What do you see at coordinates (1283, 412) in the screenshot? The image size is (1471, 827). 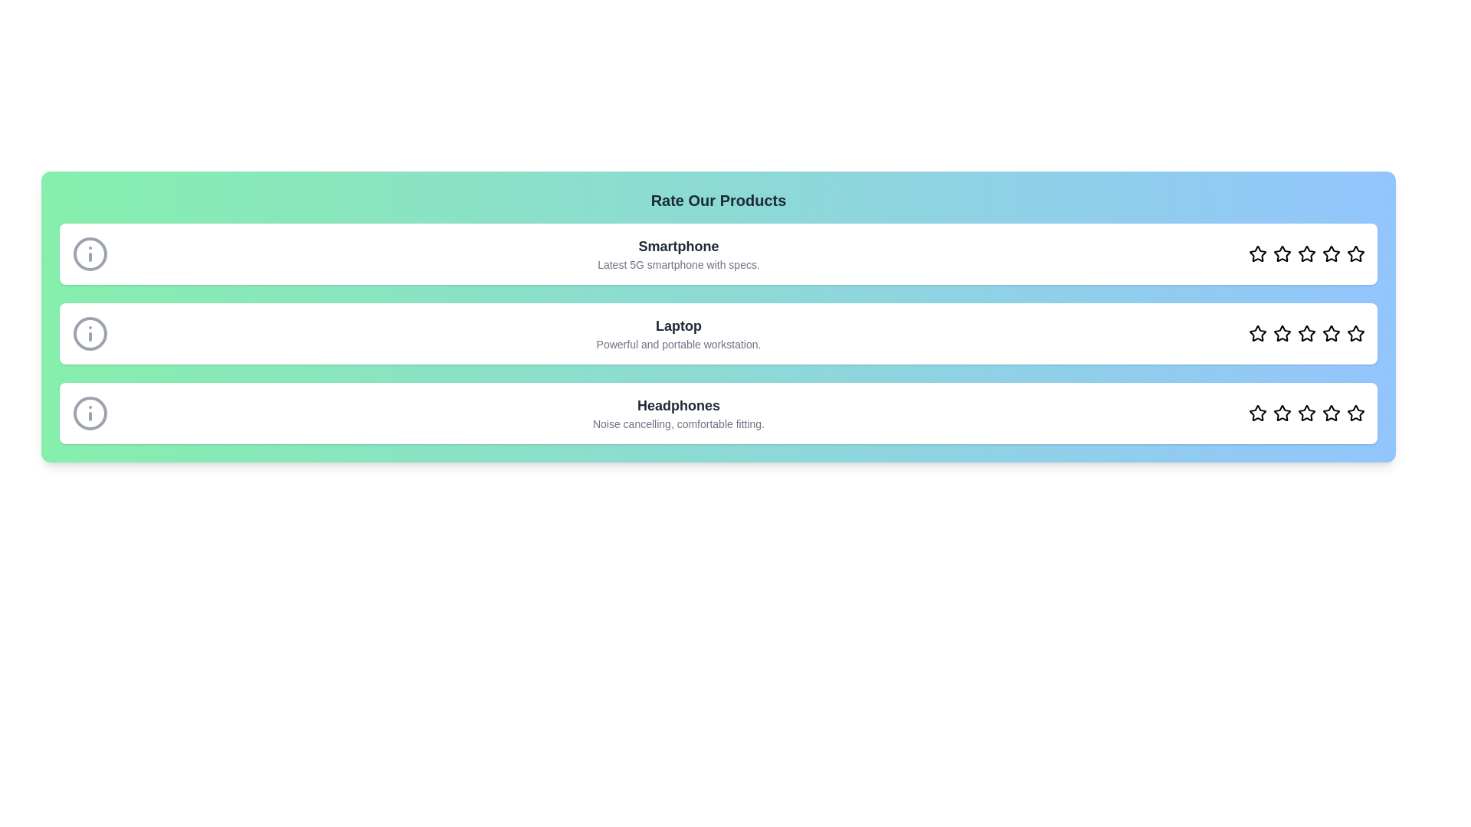 I see `the second star` at bounding box center [1283, 412].